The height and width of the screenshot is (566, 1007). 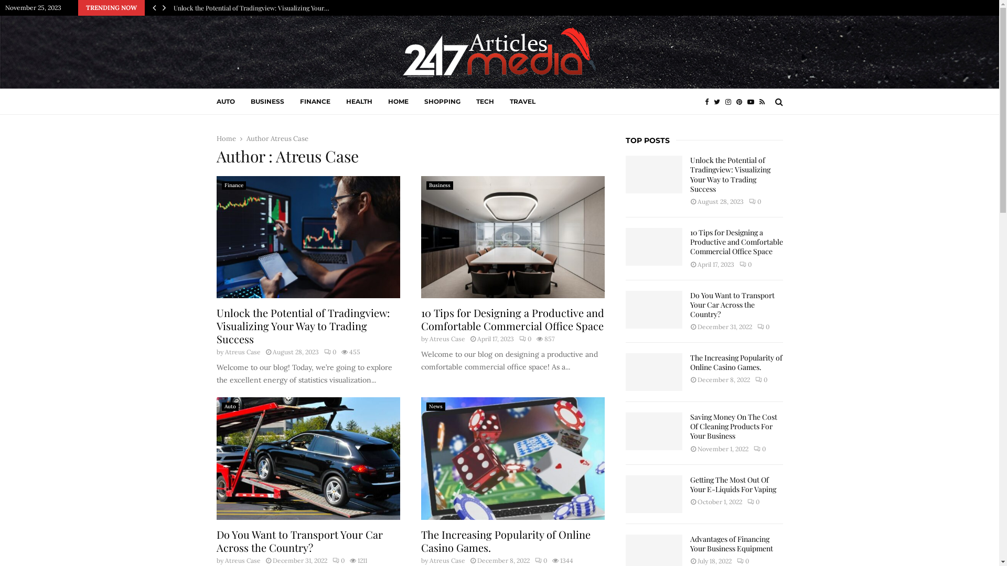 I want to click on 'December 31, 2022', so click(x=299, y=560).